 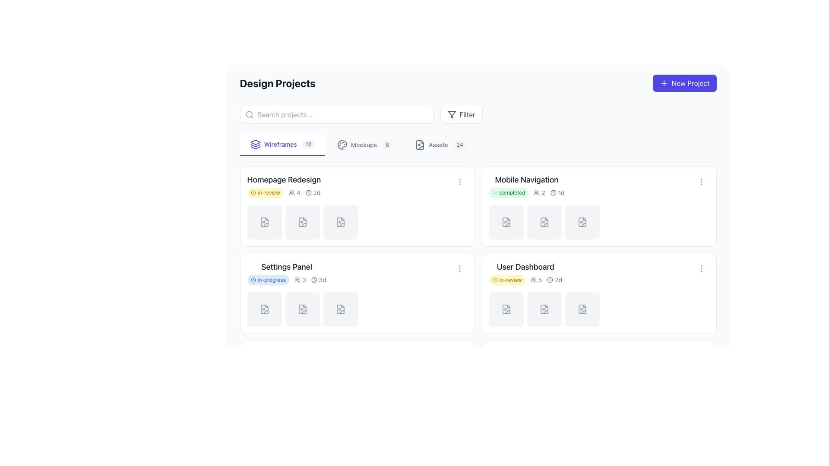 I want to click on the user icon in the 'Settings Panel' project card, which is located adjacent to the numerical indicator showing the count of users, so click(x=297, y=280).